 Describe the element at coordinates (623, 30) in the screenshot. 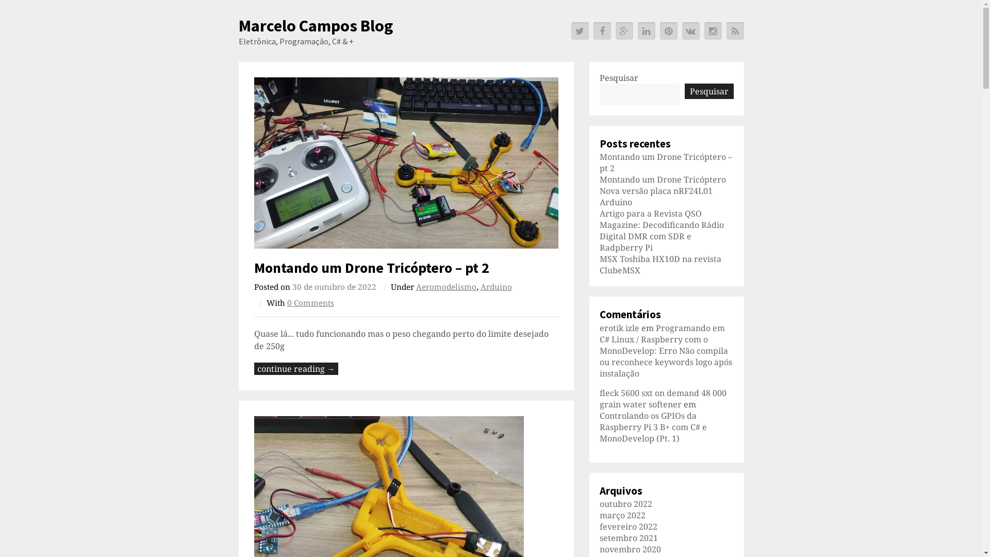

I see `'Googleplus'` at that location.